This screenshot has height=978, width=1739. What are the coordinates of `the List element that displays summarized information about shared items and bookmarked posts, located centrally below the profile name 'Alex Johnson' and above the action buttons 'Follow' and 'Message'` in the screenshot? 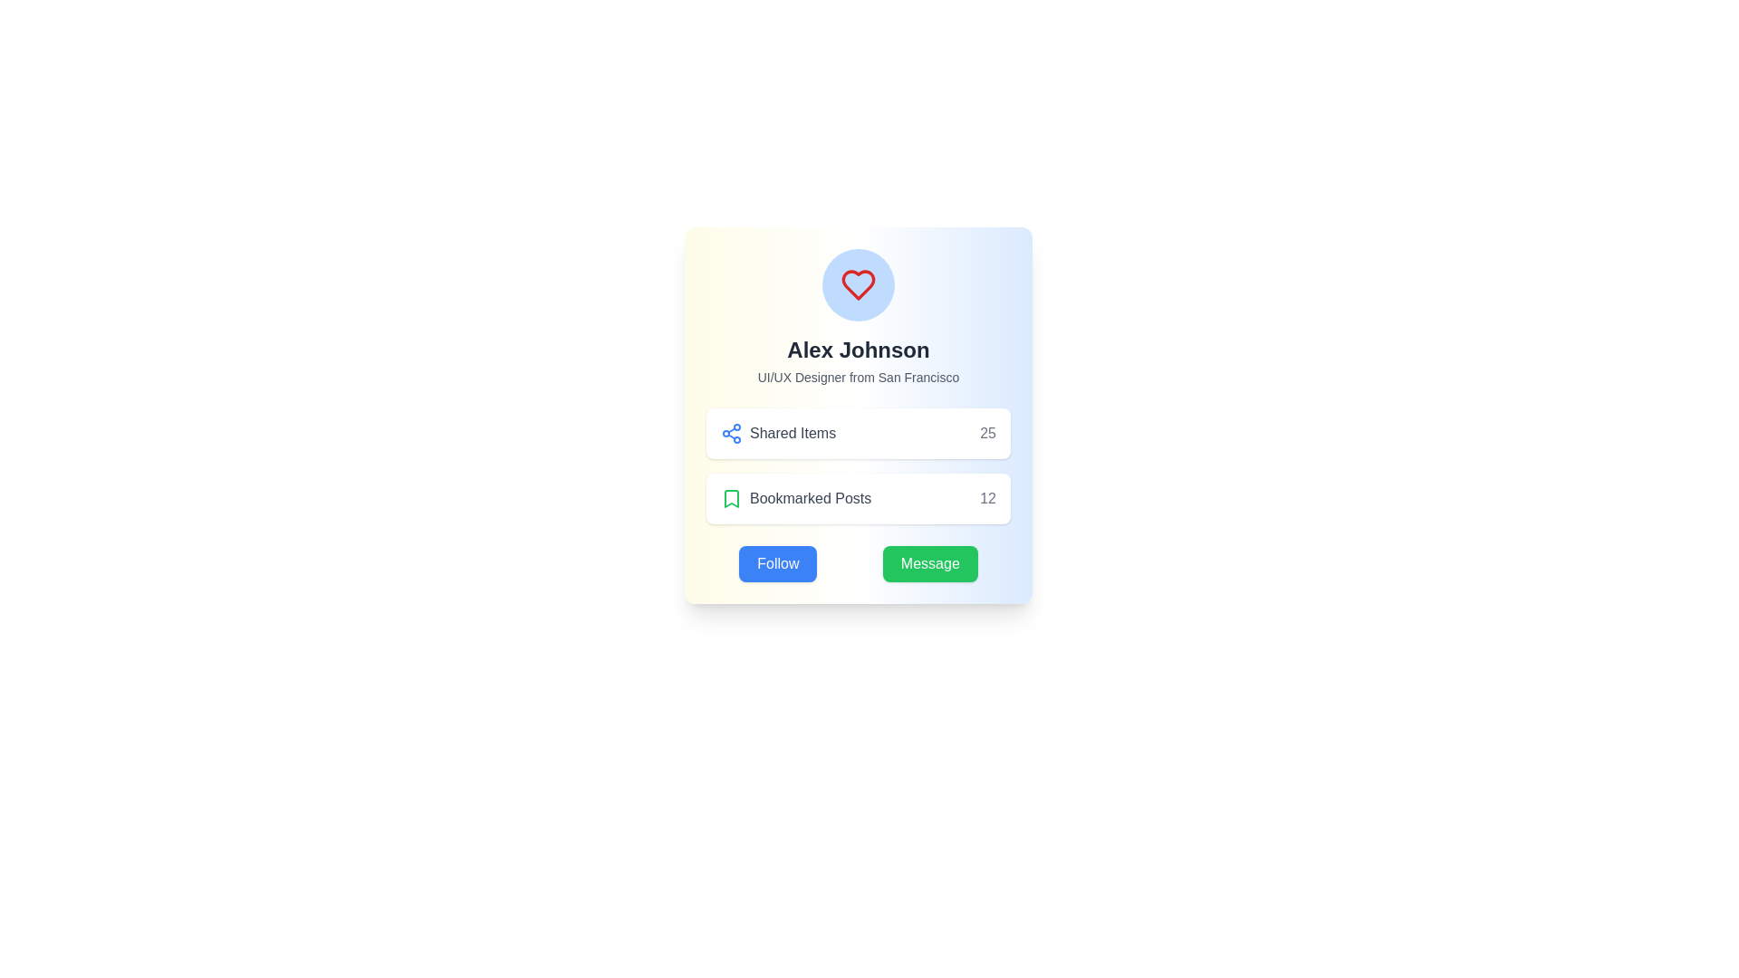 It's located at (858, 465).